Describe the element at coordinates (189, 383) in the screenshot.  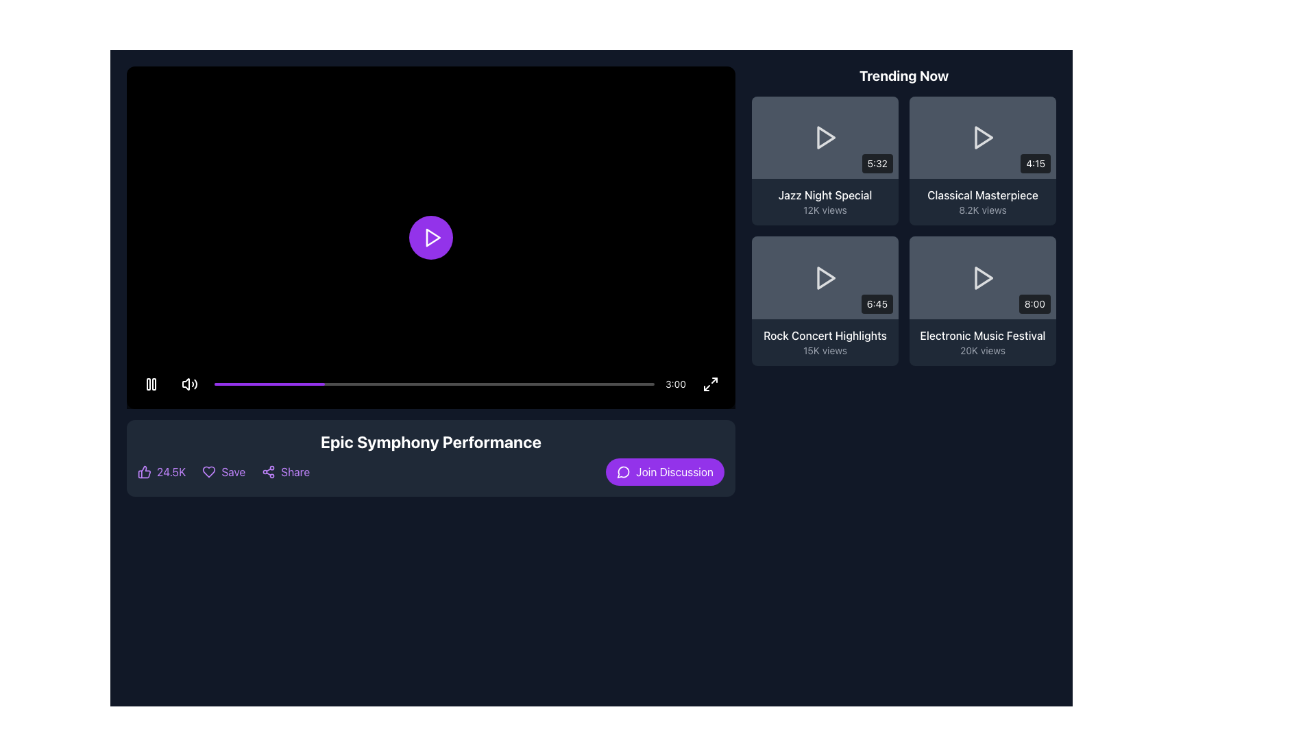
I see `the Mute/Unmute Button, which is a small speaker icon with sound waves, located in the bottom-left corner of the video playback area` at that location.